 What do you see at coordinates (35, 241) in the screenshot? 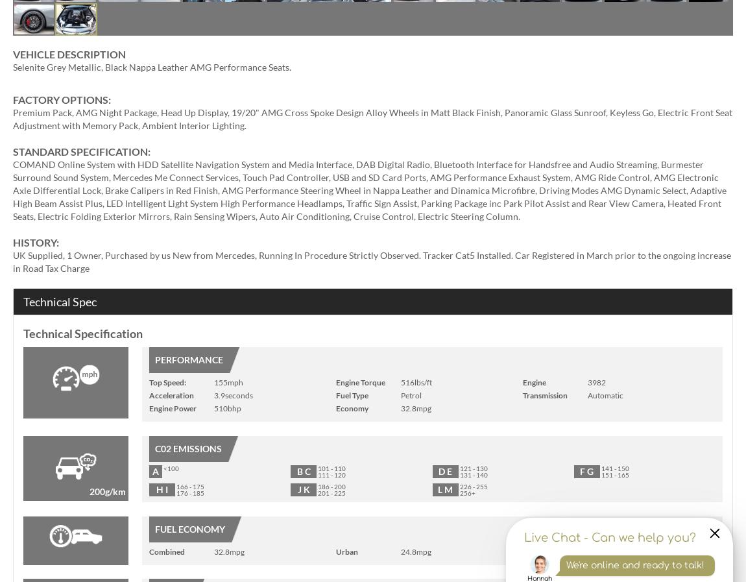
I see `'HISTORY:'` at bounding box center [35, 241].